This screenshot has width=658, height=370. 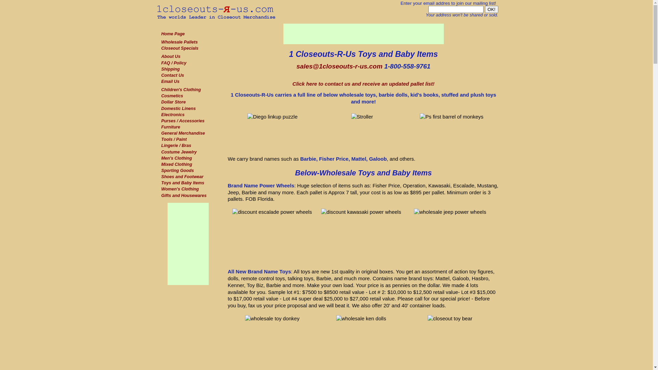 What do you see at coordinates (161, 114) in the screenshot?
I see `'Electronics'` at bounding box center [161, 114].